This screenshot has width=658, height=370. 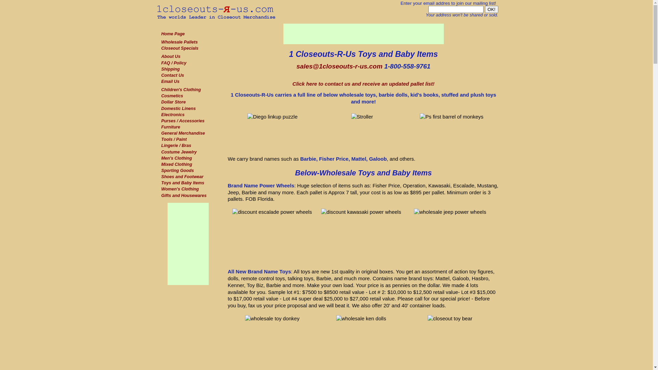 What do you see at coordinates (161, 114) in the screenshot?
I see `'Electronics'` at bounding box center [161, 114].